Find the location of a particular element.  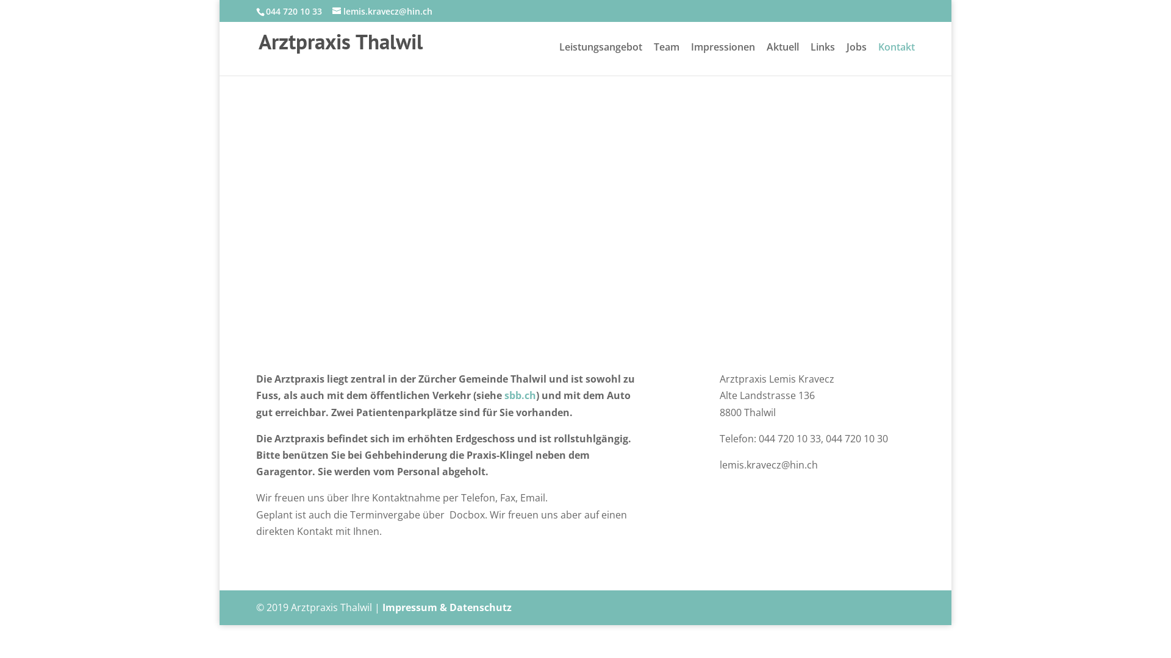

'Impressum & Datenschutz' is located at coordinates (446, 607).